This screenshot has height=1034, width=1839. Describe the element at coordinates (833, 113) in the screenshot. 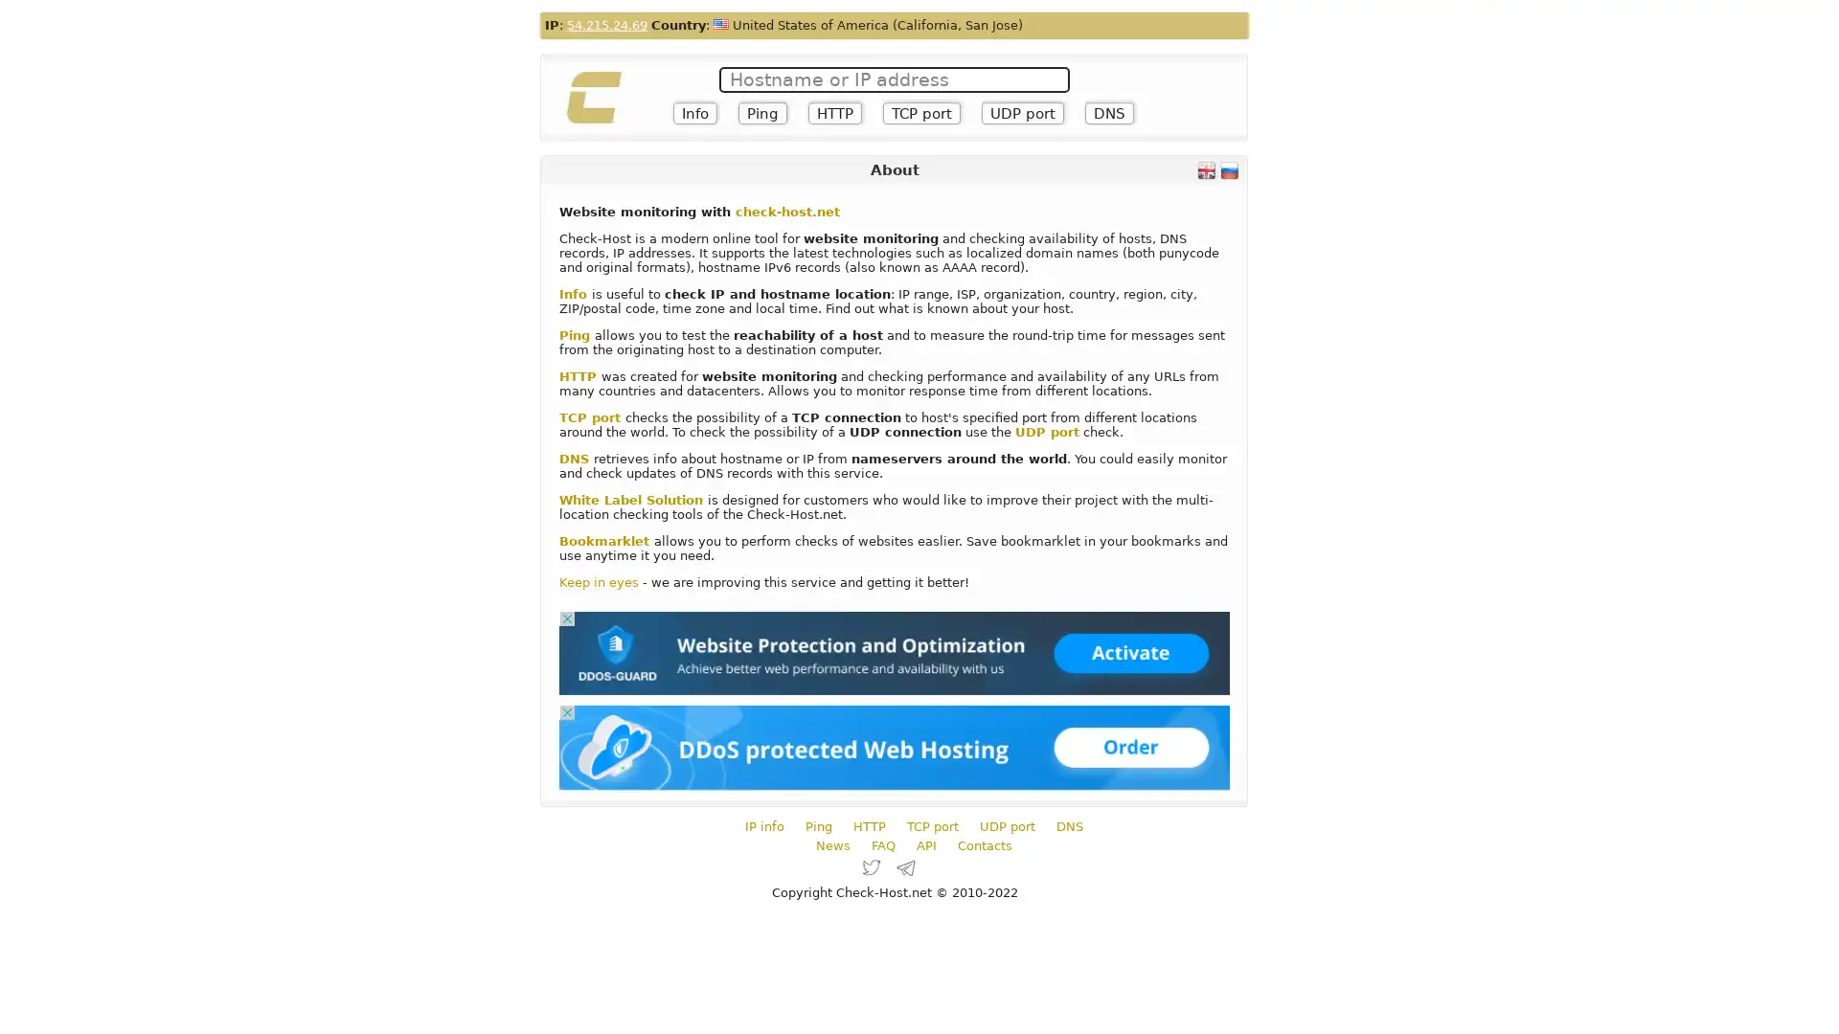

I see `HTTP` at that location.